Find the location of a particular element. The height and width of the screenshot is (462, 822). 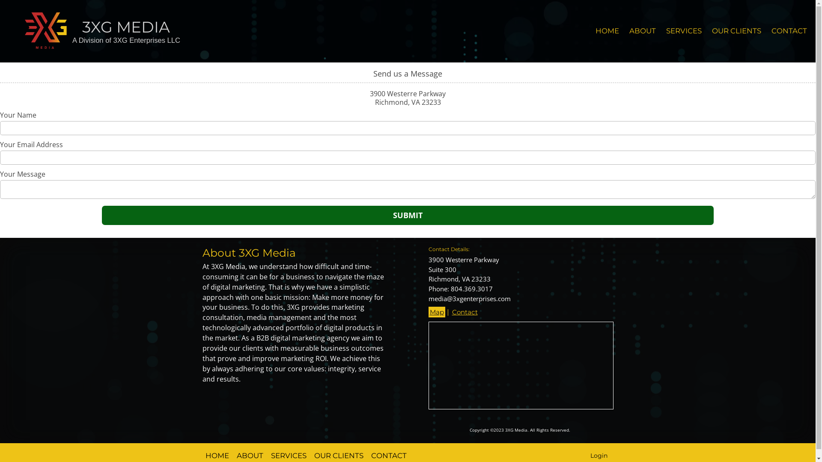

'ABOUT' is located at coordinates (624, 31).